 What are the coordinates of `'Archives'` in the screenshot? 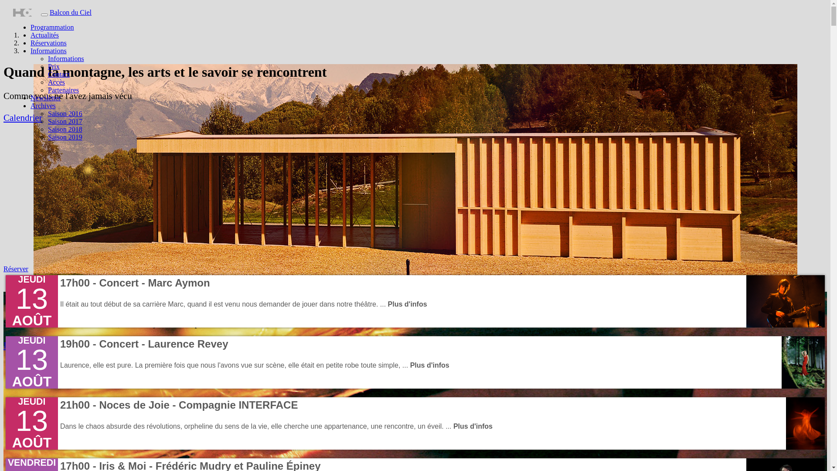 It's located at (43, 105).